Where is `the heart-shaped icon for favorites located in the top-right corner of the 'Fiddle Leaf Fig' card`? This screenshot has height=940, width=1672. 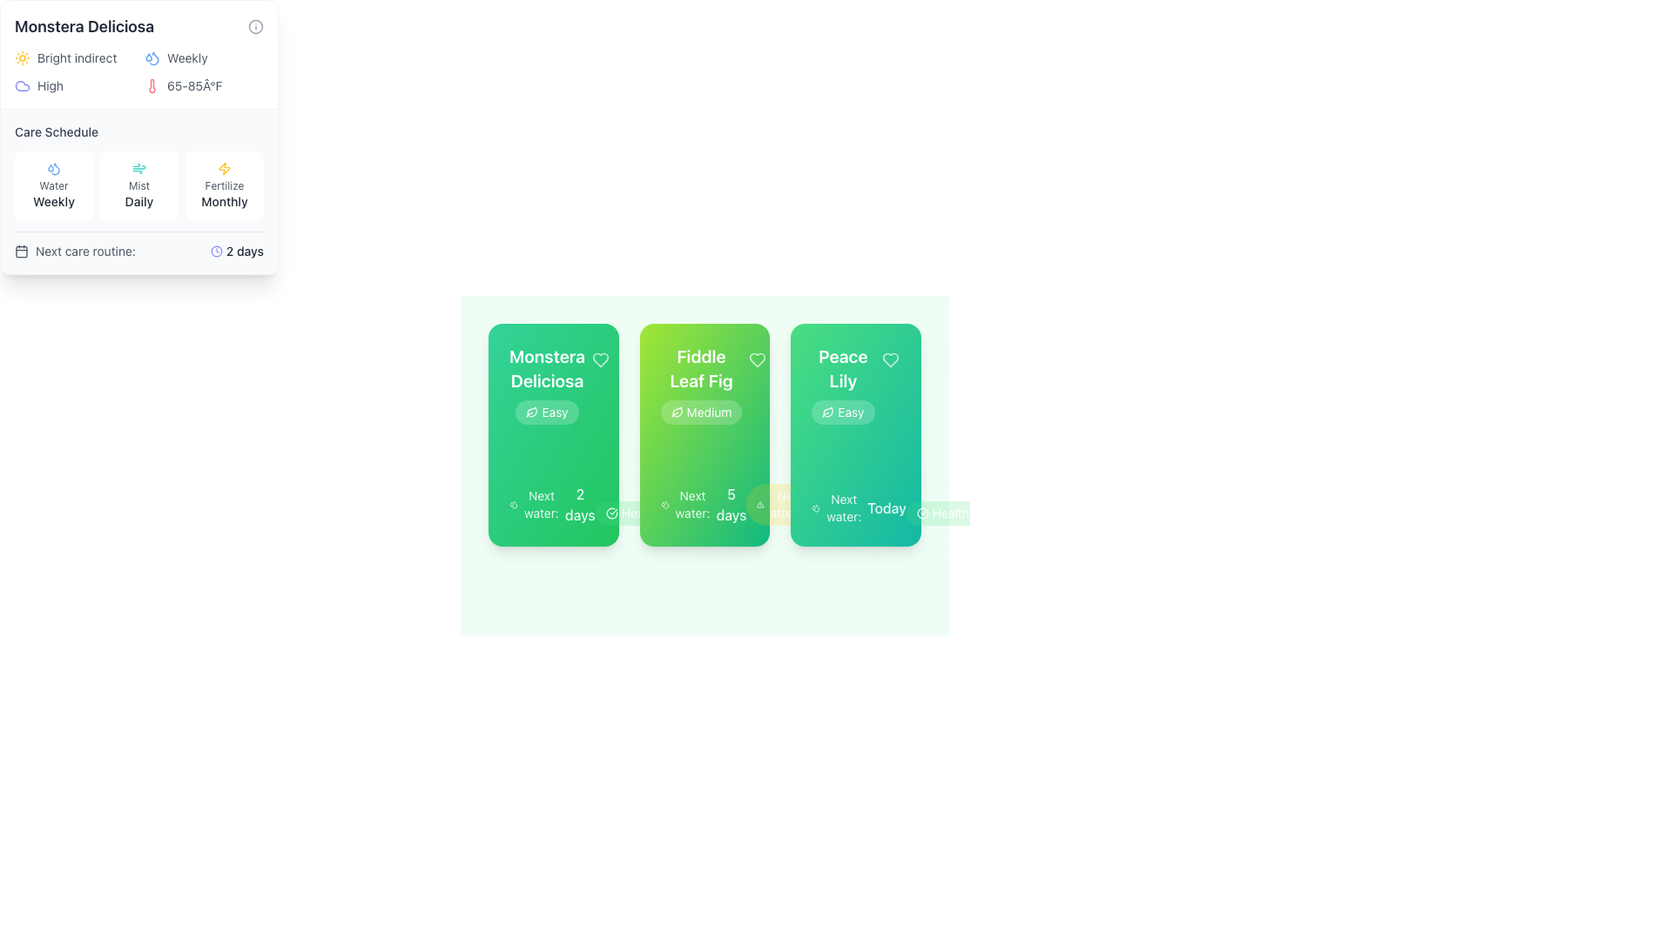
the heart-shaped icon for favorites located in the top-right corner of the 'Fiddle Leaf Fig' card is located at coordinates (758, 359).